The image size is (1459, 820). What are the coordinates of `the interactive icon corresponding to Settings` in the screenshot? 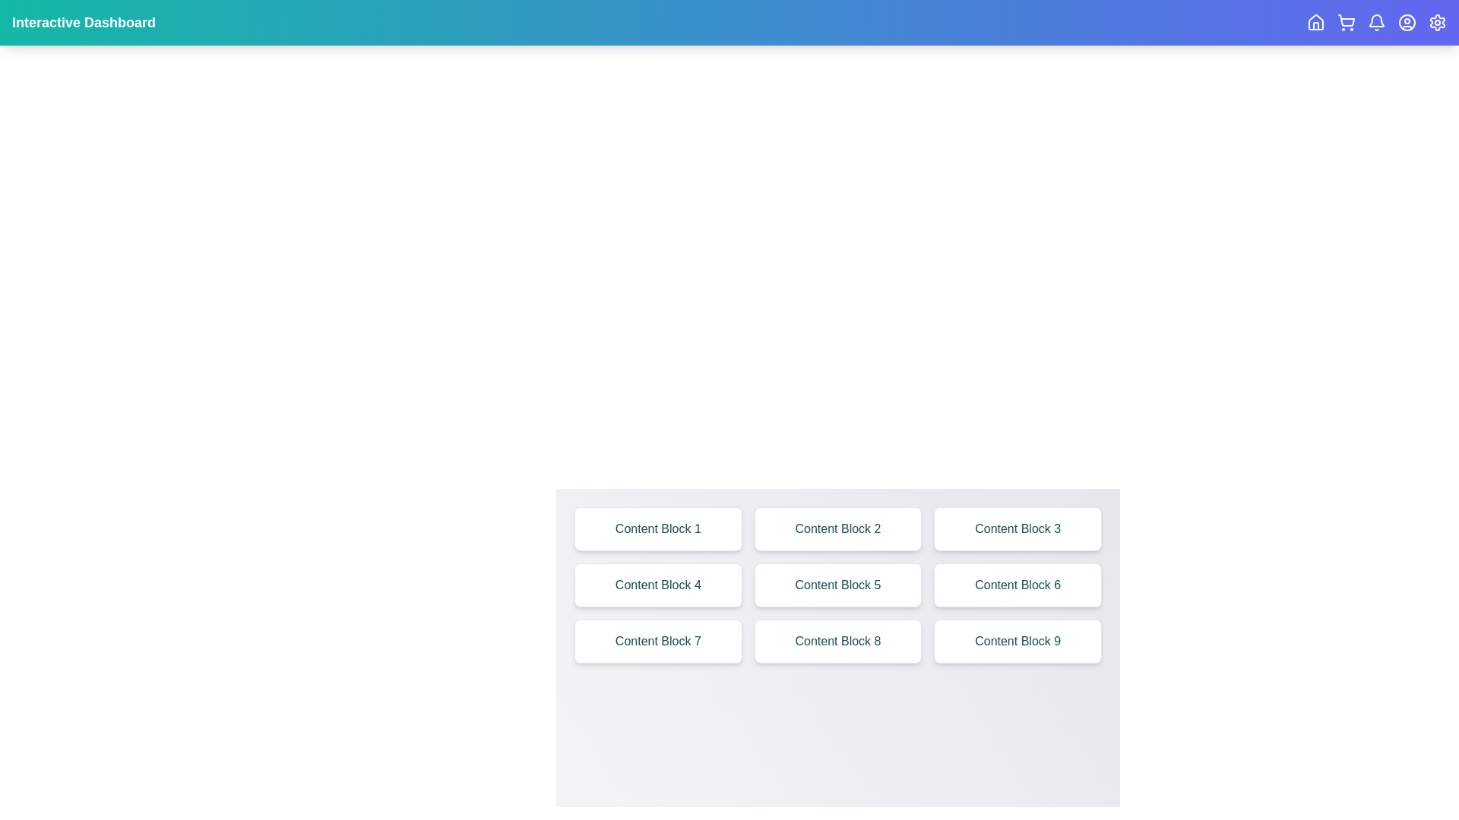 It's located at (1436, 23).